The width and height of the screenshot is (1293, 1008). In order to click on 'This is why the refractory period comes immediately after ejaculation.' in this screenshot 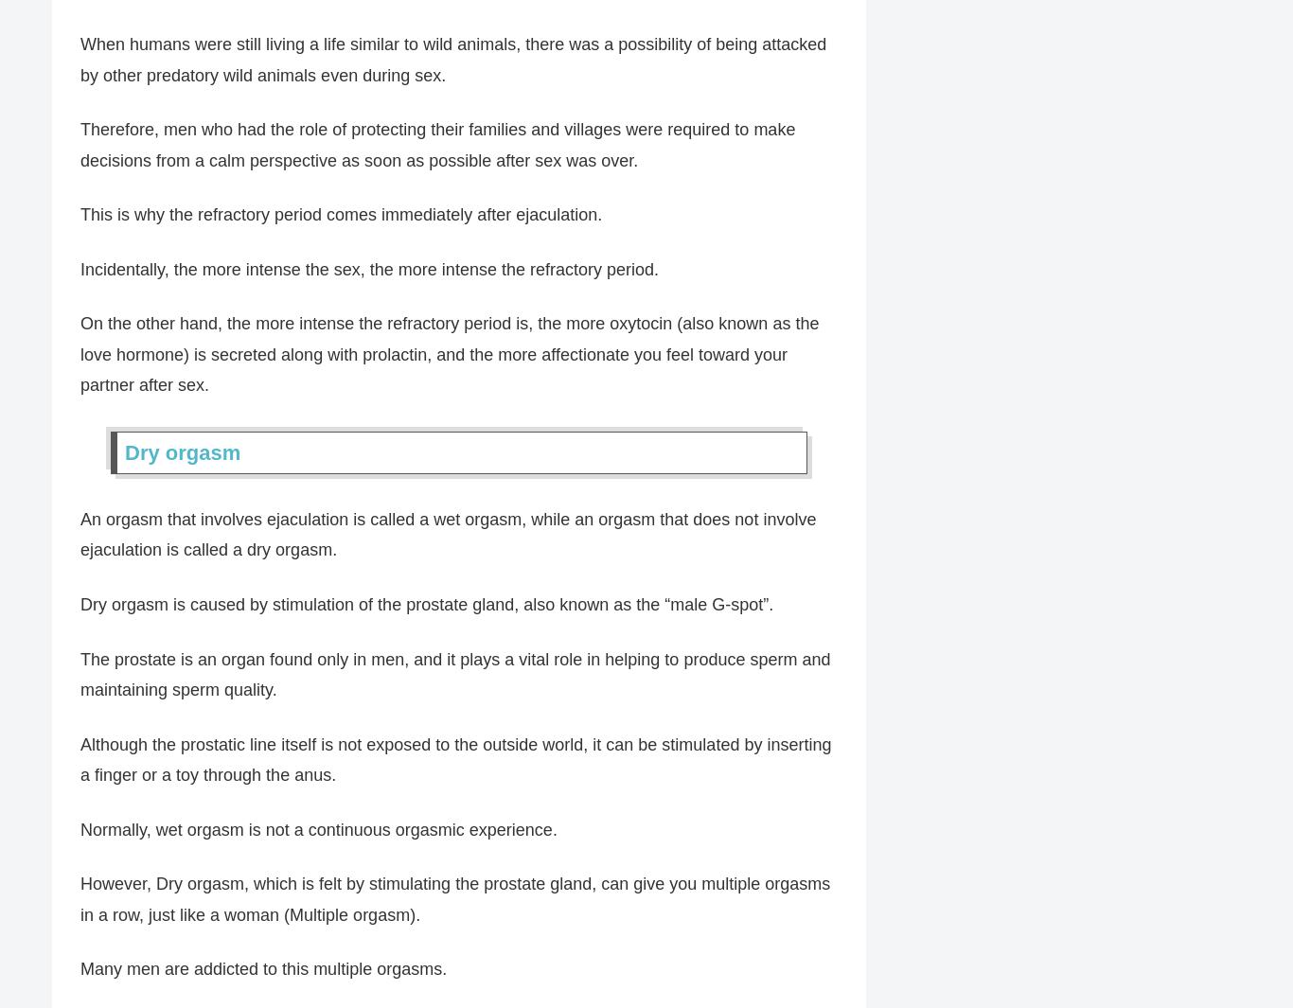, I will do `click(340, 213)`.